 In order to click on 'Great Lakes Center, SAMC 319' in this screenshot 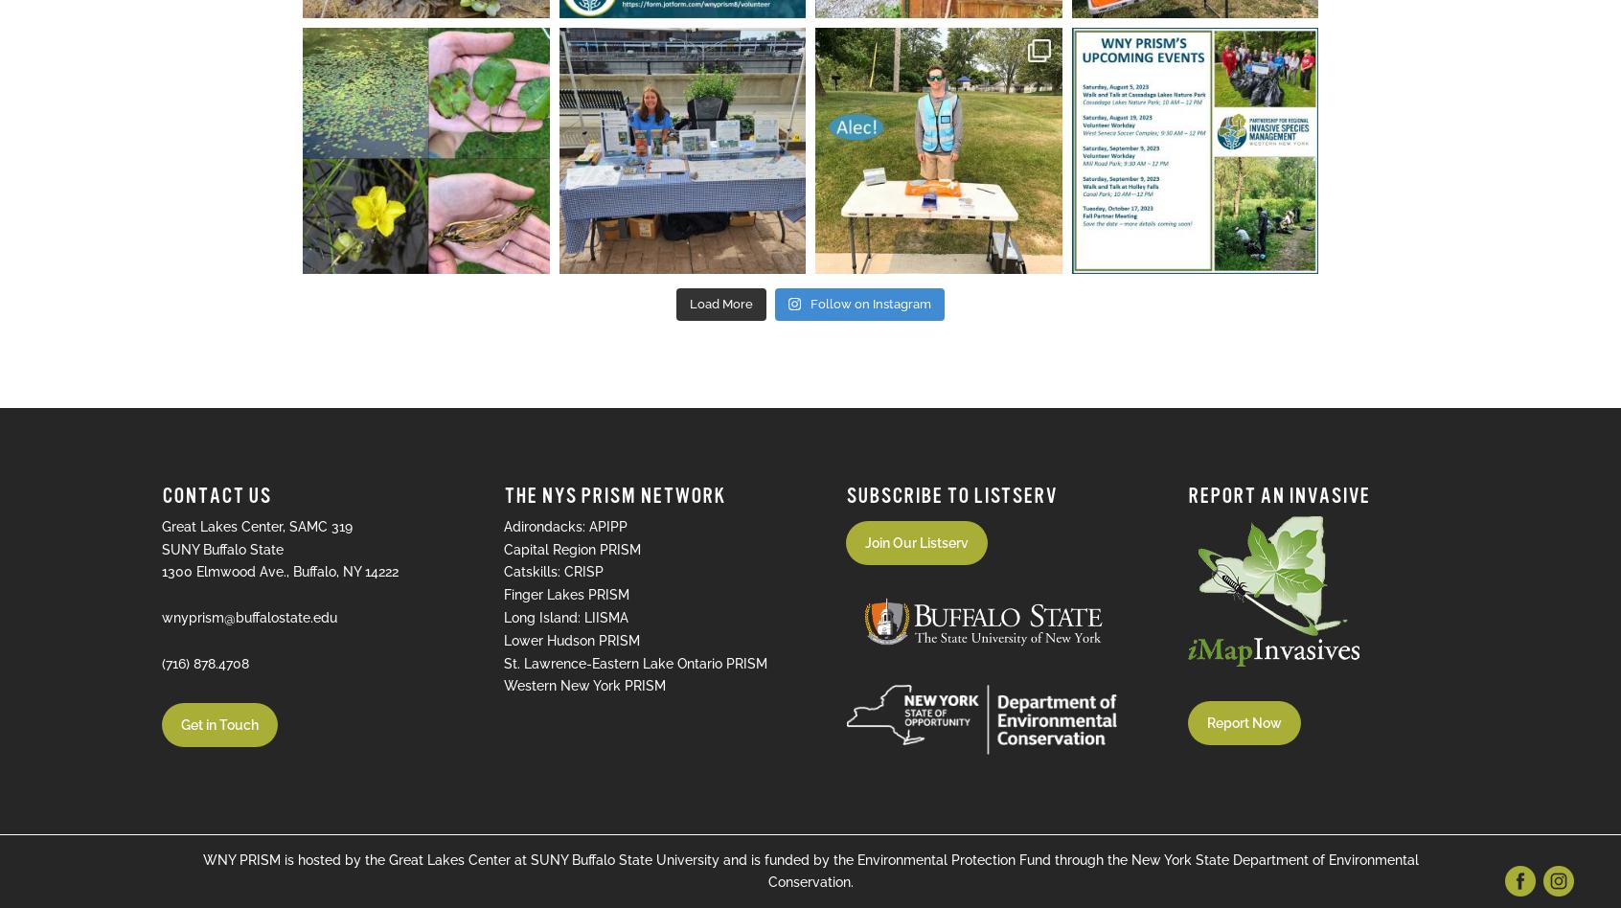, I will do `click(257, 525)`.